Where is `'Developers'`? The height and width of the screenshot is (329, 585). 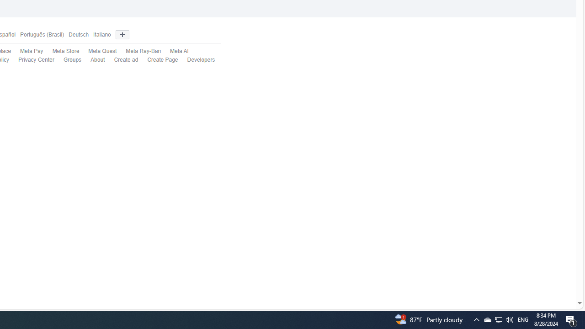 'Developers' is located at coordinates (201, 60).